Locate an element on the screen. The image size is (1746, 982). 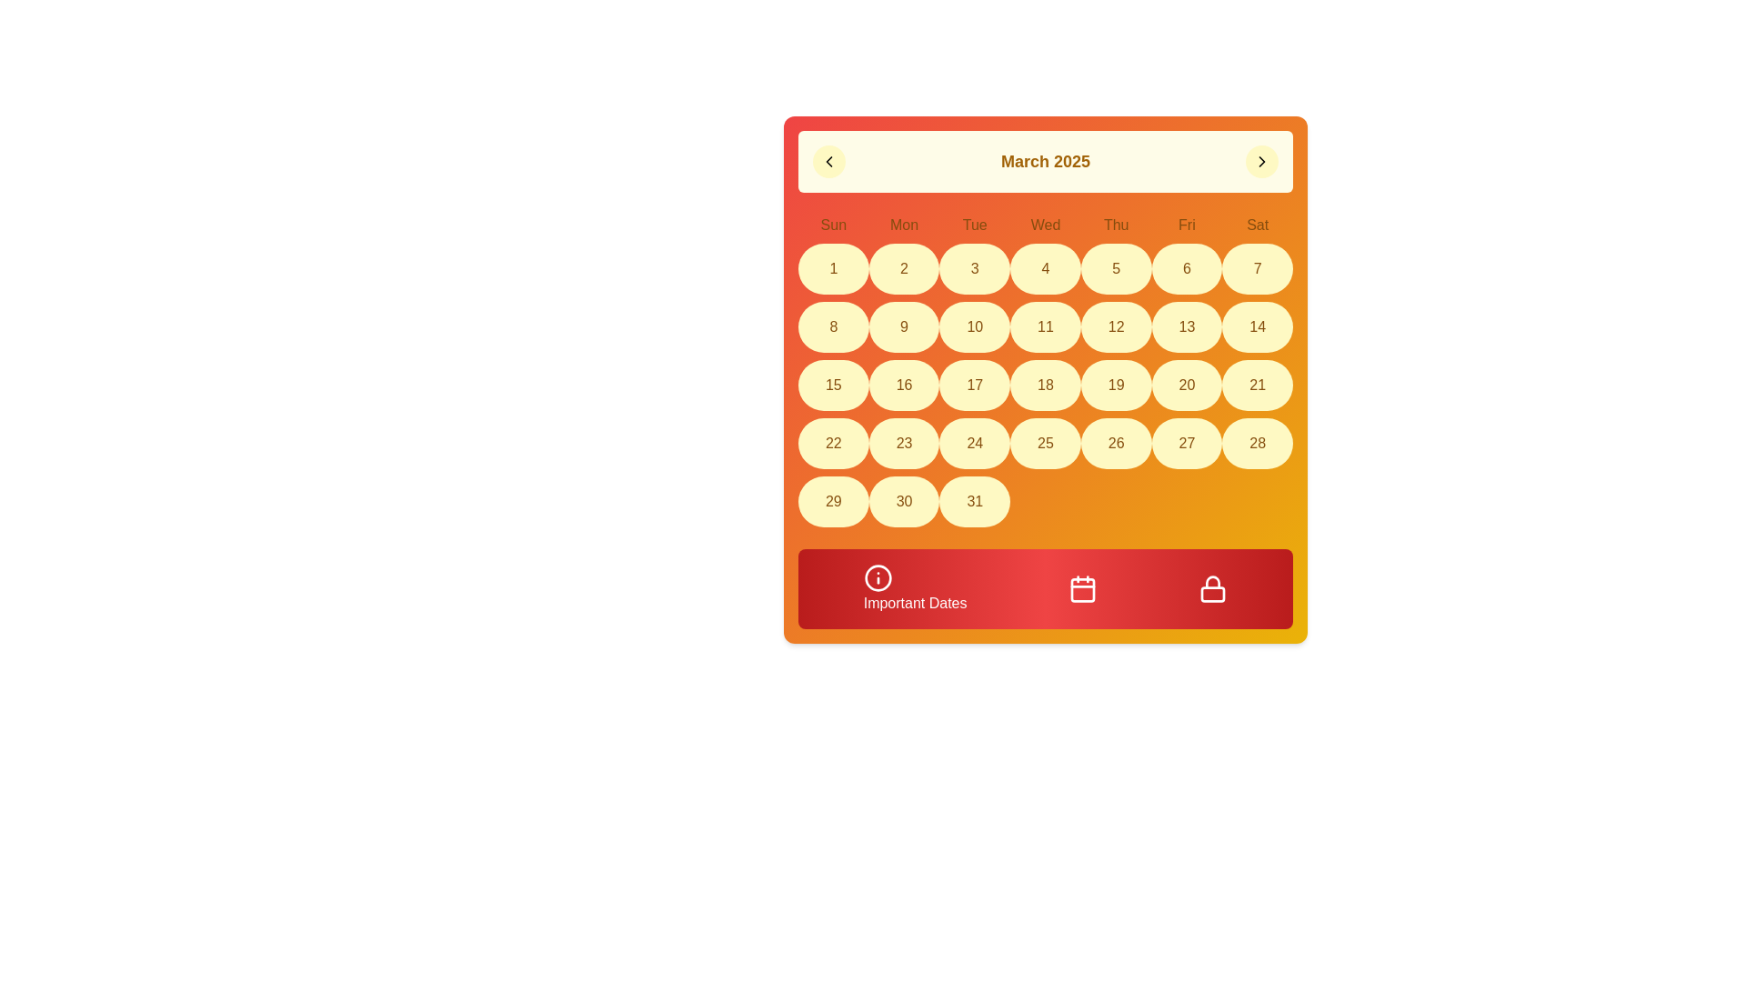
the circular button with a soft yellow background and centered black number '9' is located at coordinates (904, 326).